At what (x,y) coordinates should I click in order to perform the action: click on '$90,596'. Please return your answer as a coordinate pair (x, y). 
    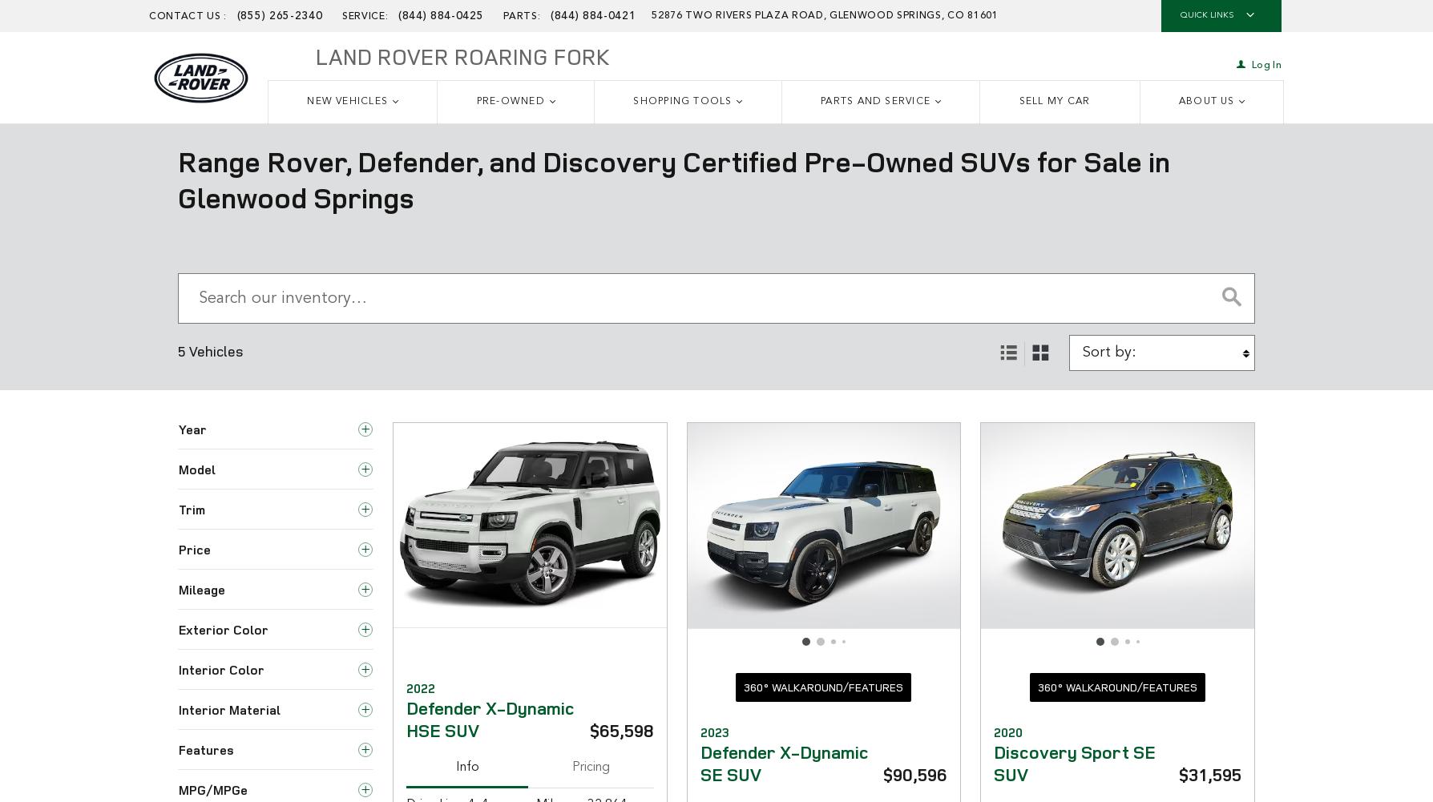
    Looking at the image, I should click on (914, 772).